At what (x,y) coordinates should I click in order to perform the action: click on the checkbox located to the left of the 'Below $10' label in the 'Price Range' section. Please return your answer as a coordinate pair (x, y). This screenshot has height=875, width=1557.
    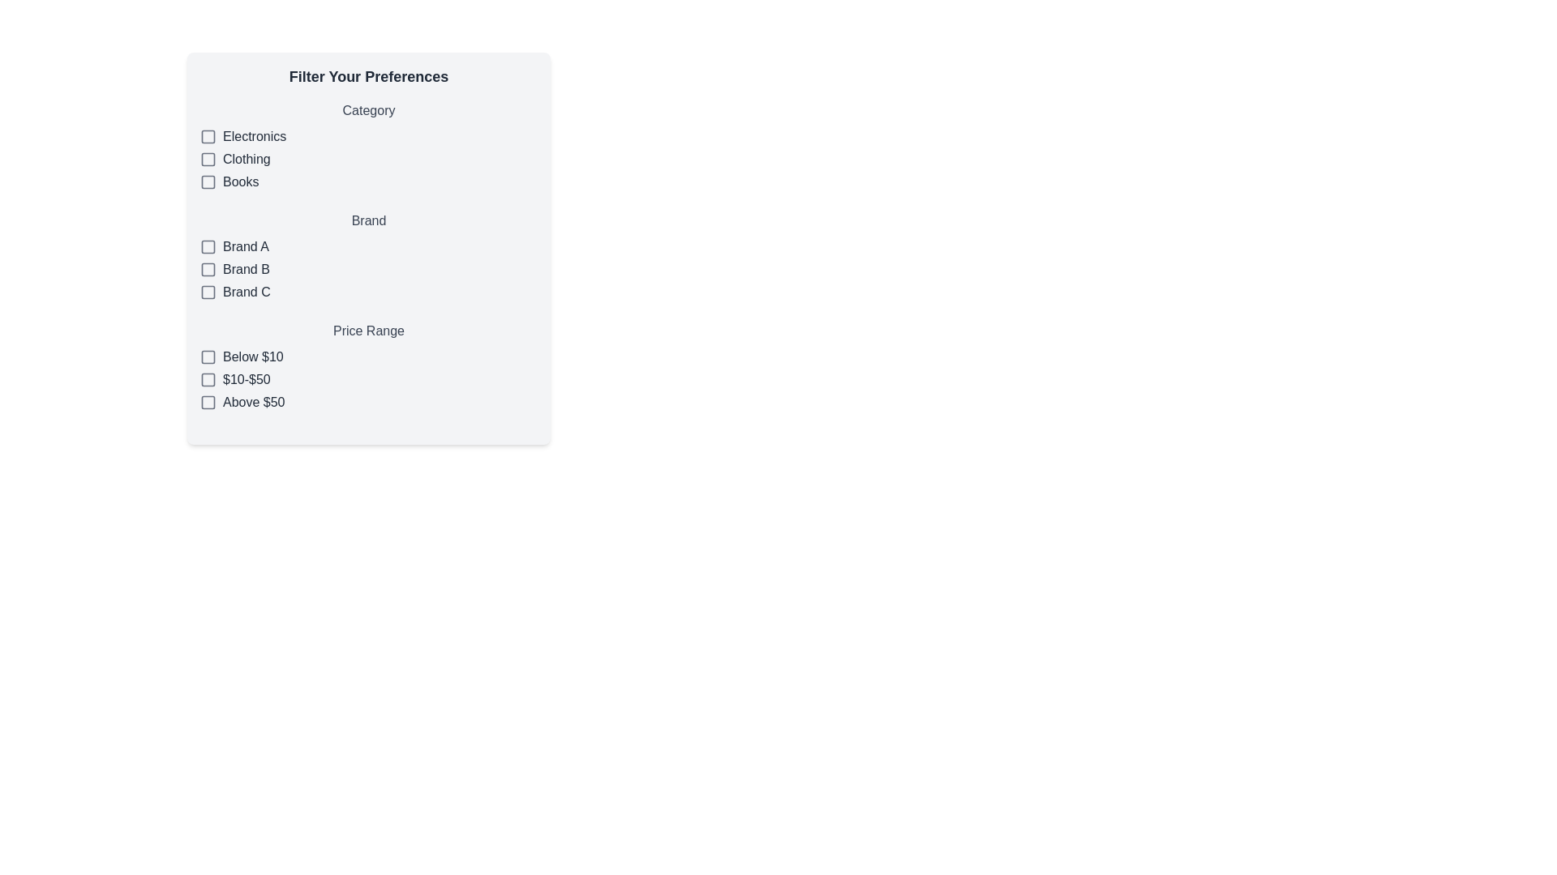
    Looking at the image, I should click on (208, 356).